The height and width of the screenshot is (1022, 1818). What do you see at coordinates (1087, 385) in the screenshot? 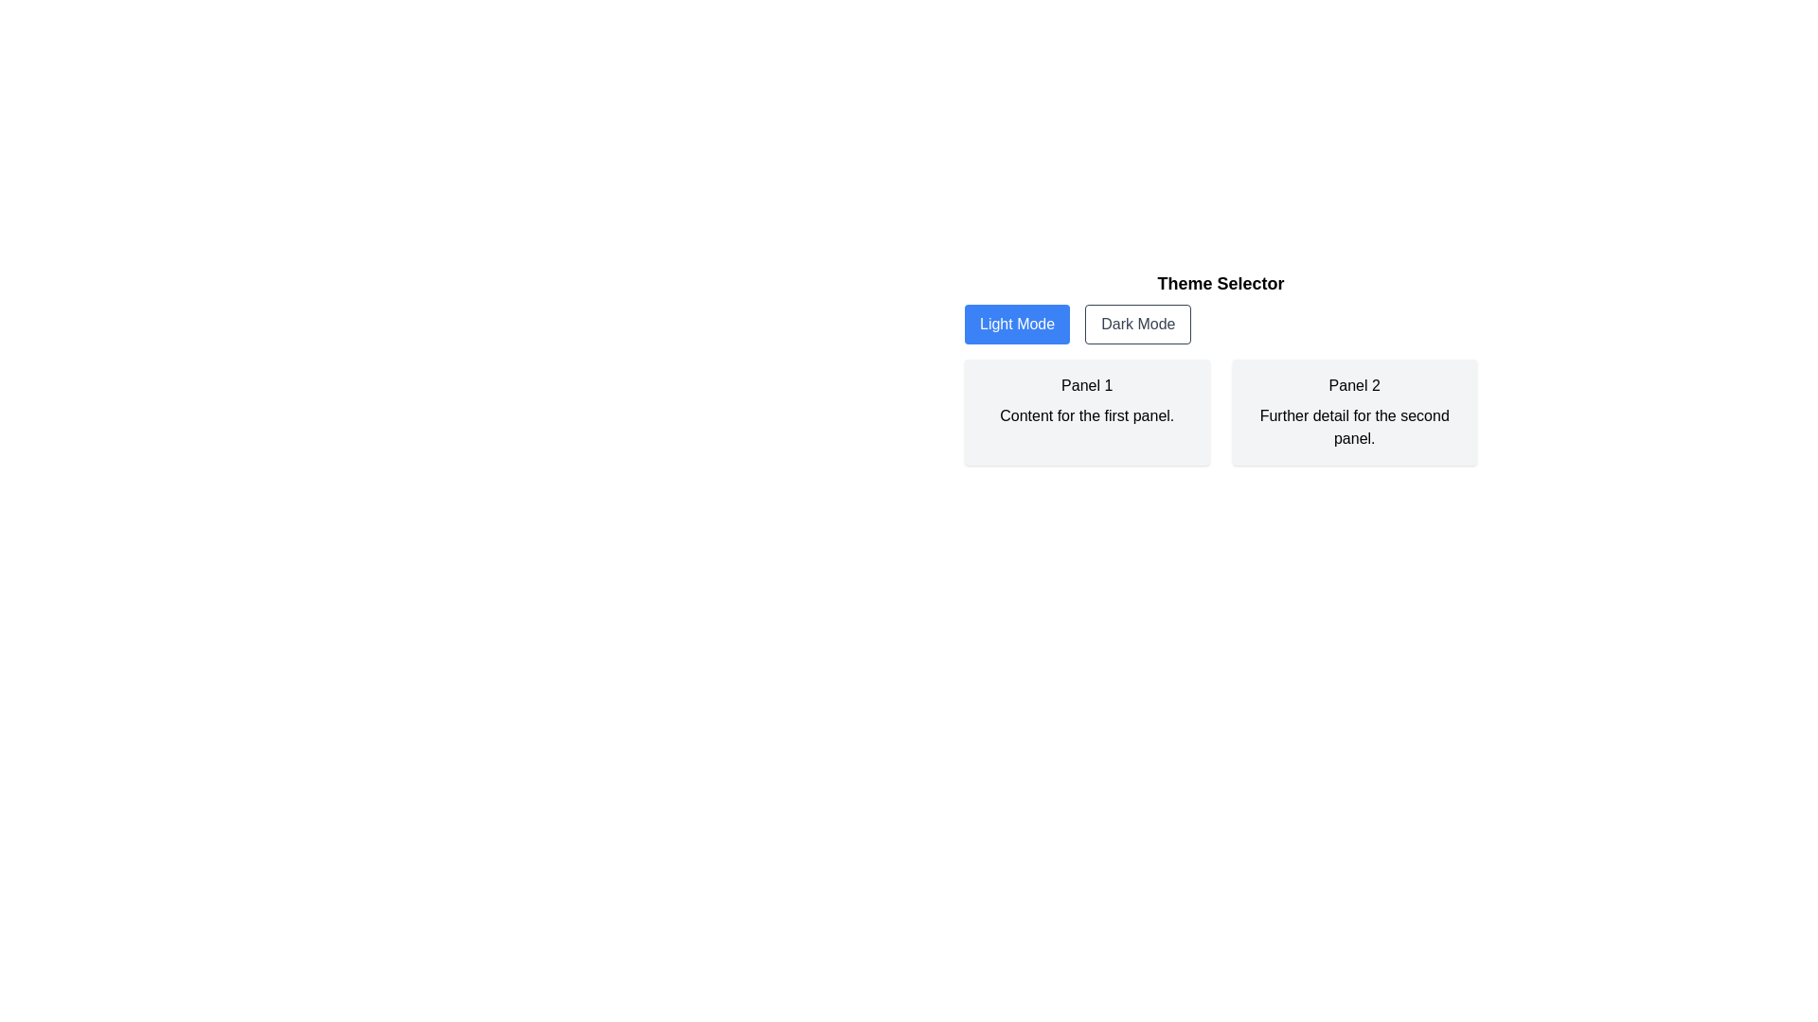
I see `the header text of the first panel, which serves as a title for the panel's content` at bounding box center [1087, 385].